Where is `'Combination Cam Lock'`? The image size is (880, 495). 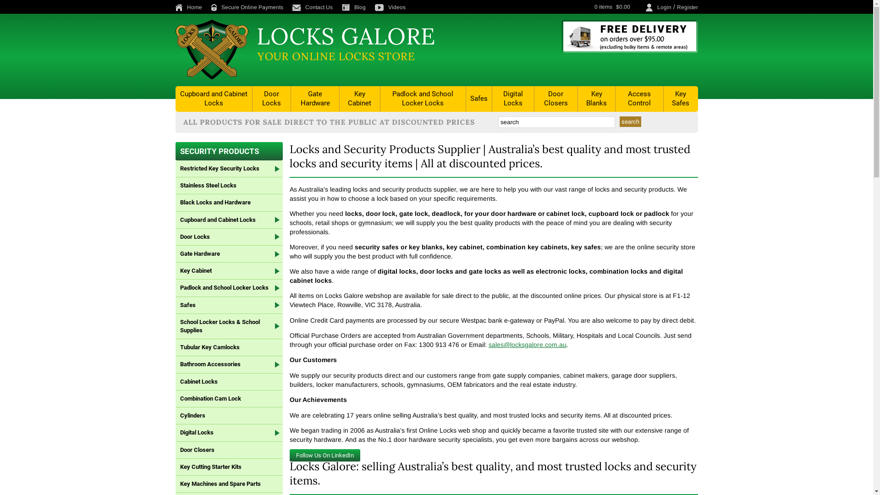 'Combination Cam Lock' is located at coordinates (229, 398).